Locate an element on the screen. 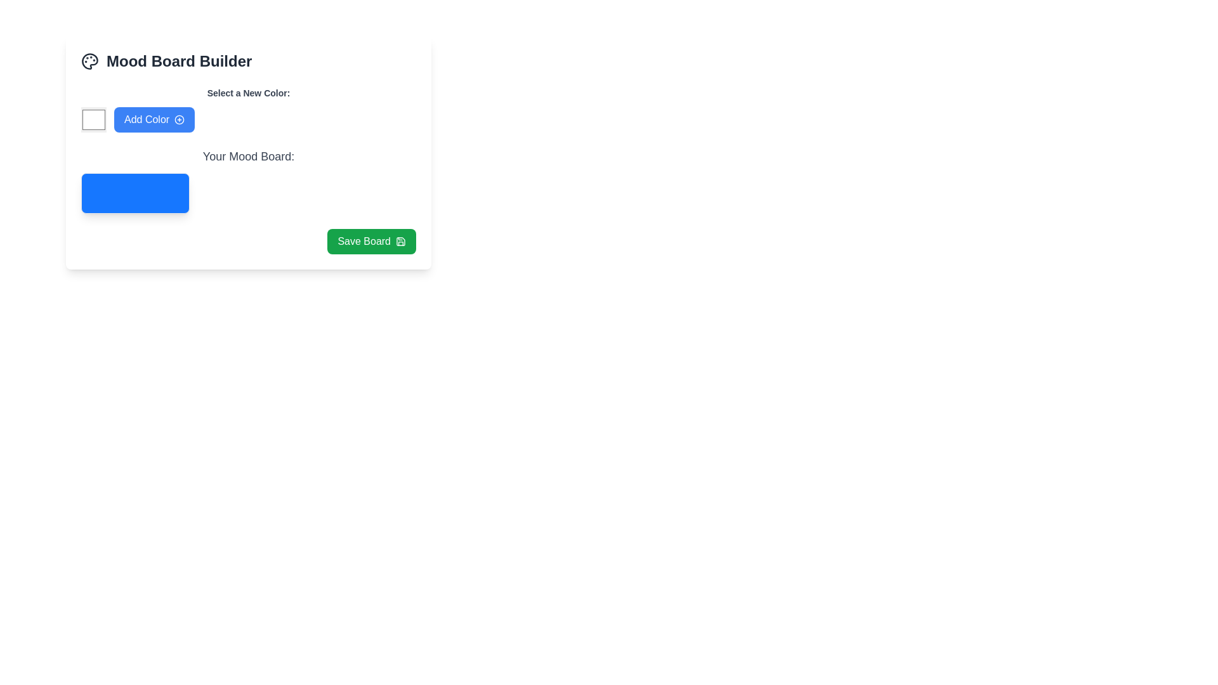 Image resolution: width=1218 pixels, height=685 pixels. the 'Save' button located at the bottom right corner of the 'Mood Board Builder' card is located at coordinates (371, 242).